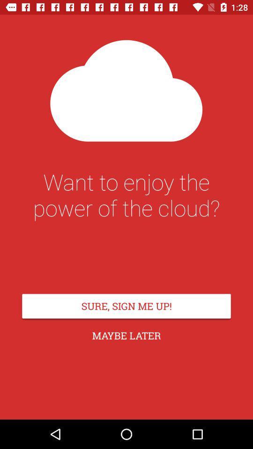 This screenshot has width=253, height=449. Describe the element at coordinates (126, 305) in the screenshot. I see `the icon below the want to enjoy icon` at that location.